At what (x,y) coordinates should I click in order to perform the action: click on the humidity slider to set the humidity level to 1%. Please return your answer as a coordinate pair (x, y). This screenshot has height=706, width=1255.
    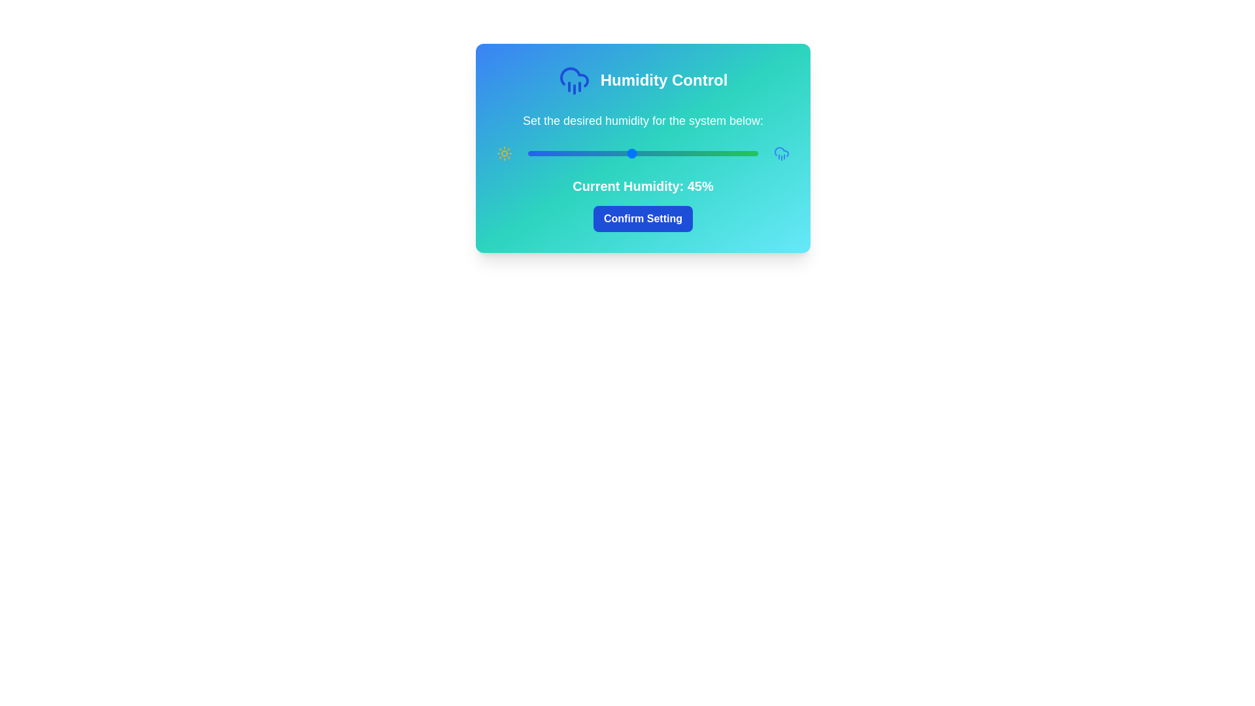
    Looking at the image, I should click on (530, 153).